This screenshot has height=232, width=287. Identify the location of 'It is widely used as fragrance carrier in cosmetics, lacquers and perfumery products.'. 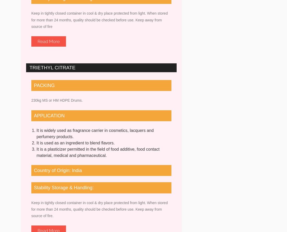
(95, 133).